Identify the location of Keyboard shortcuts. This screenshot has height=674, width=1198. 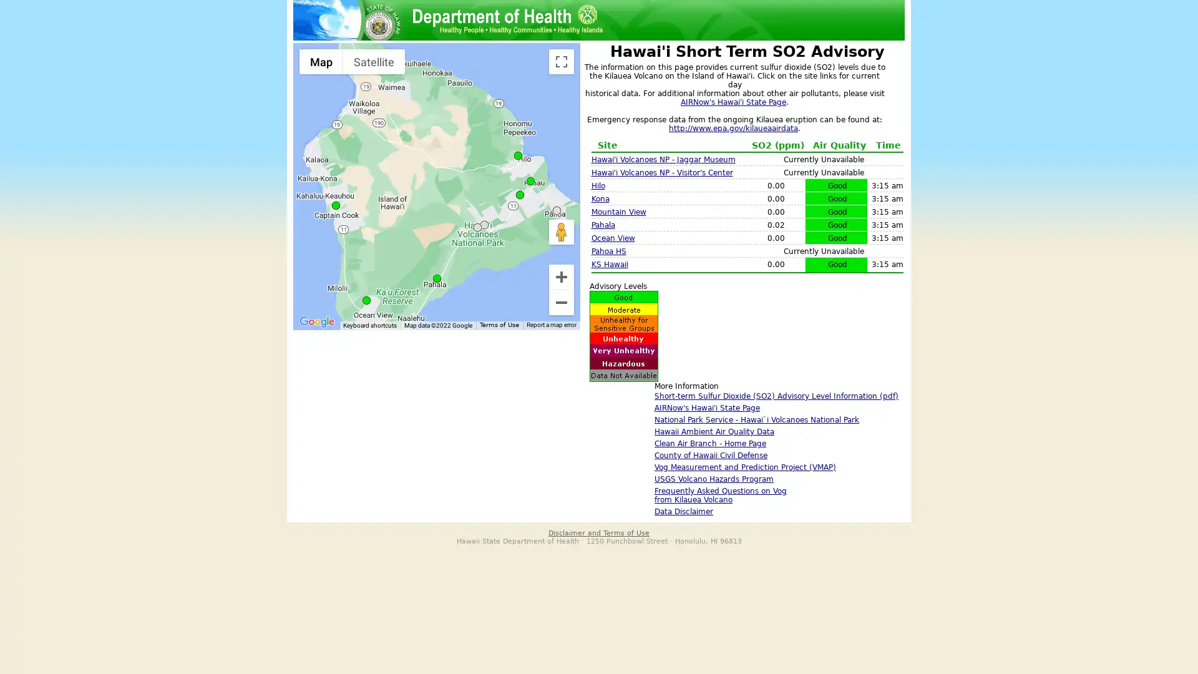
(369, 325).